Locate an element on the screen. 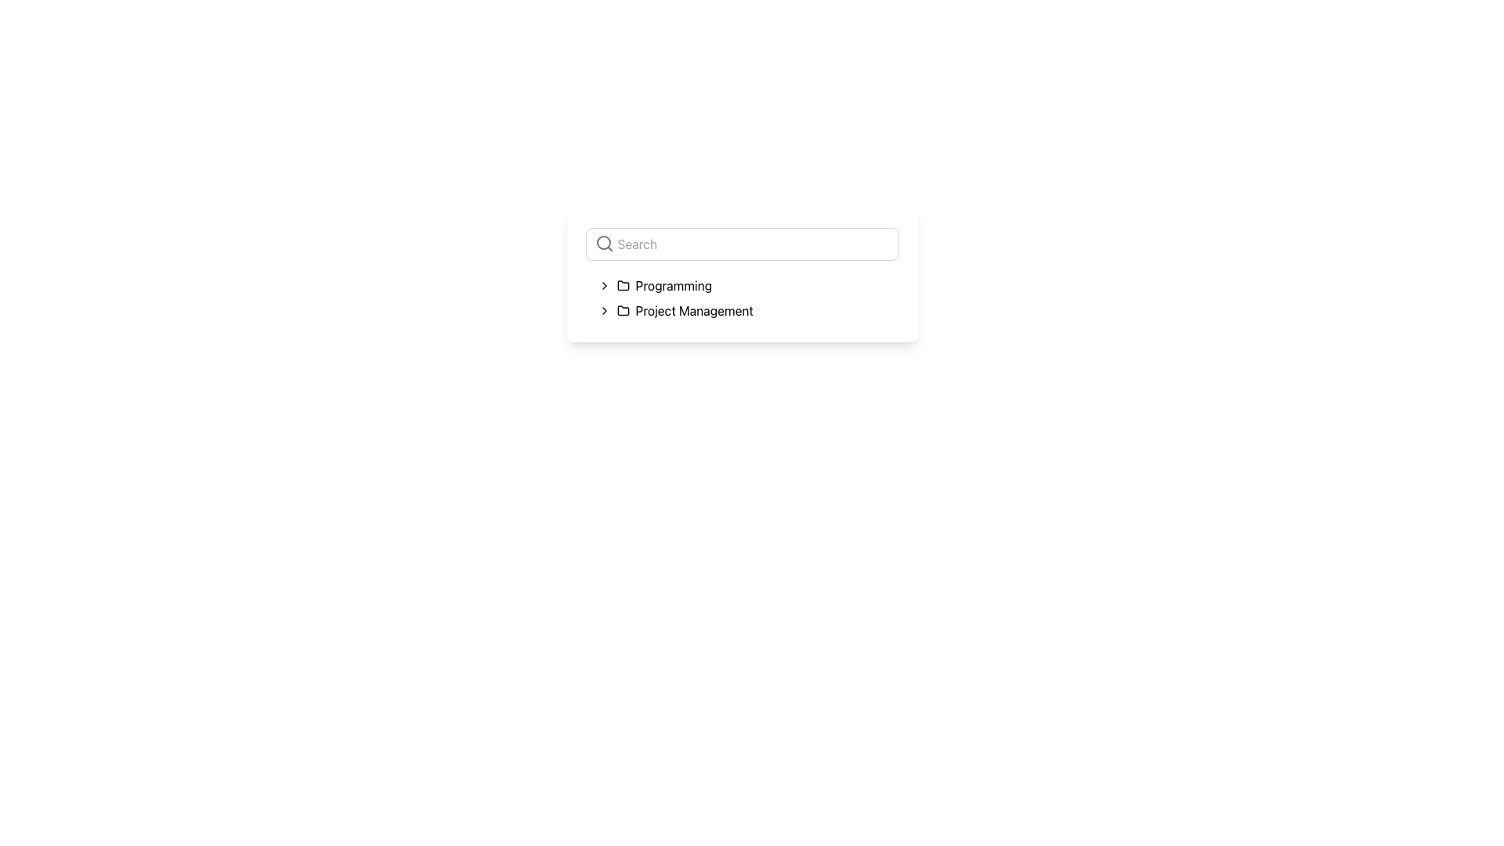 The width and height of the screenshot is (1504, 846). the 'Project Management' hierarchical list item to expand or collapse it is located at coordinates (747, 311).